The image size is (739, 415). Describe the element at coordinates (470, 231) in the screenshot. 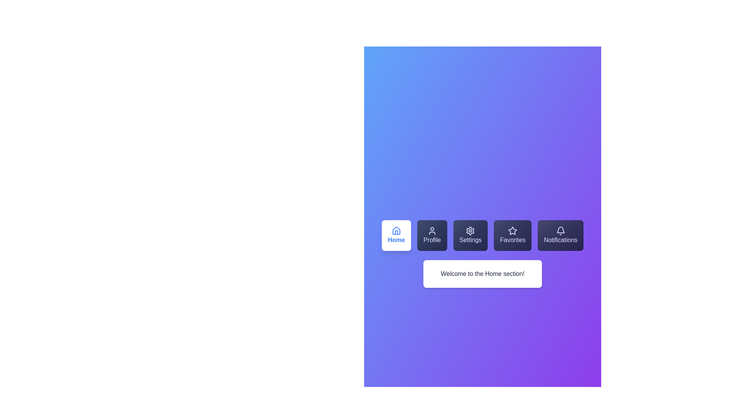

I see `the Settings gear icon located in the middle of the Settings button, which is the third horizontal menu item` at that location.